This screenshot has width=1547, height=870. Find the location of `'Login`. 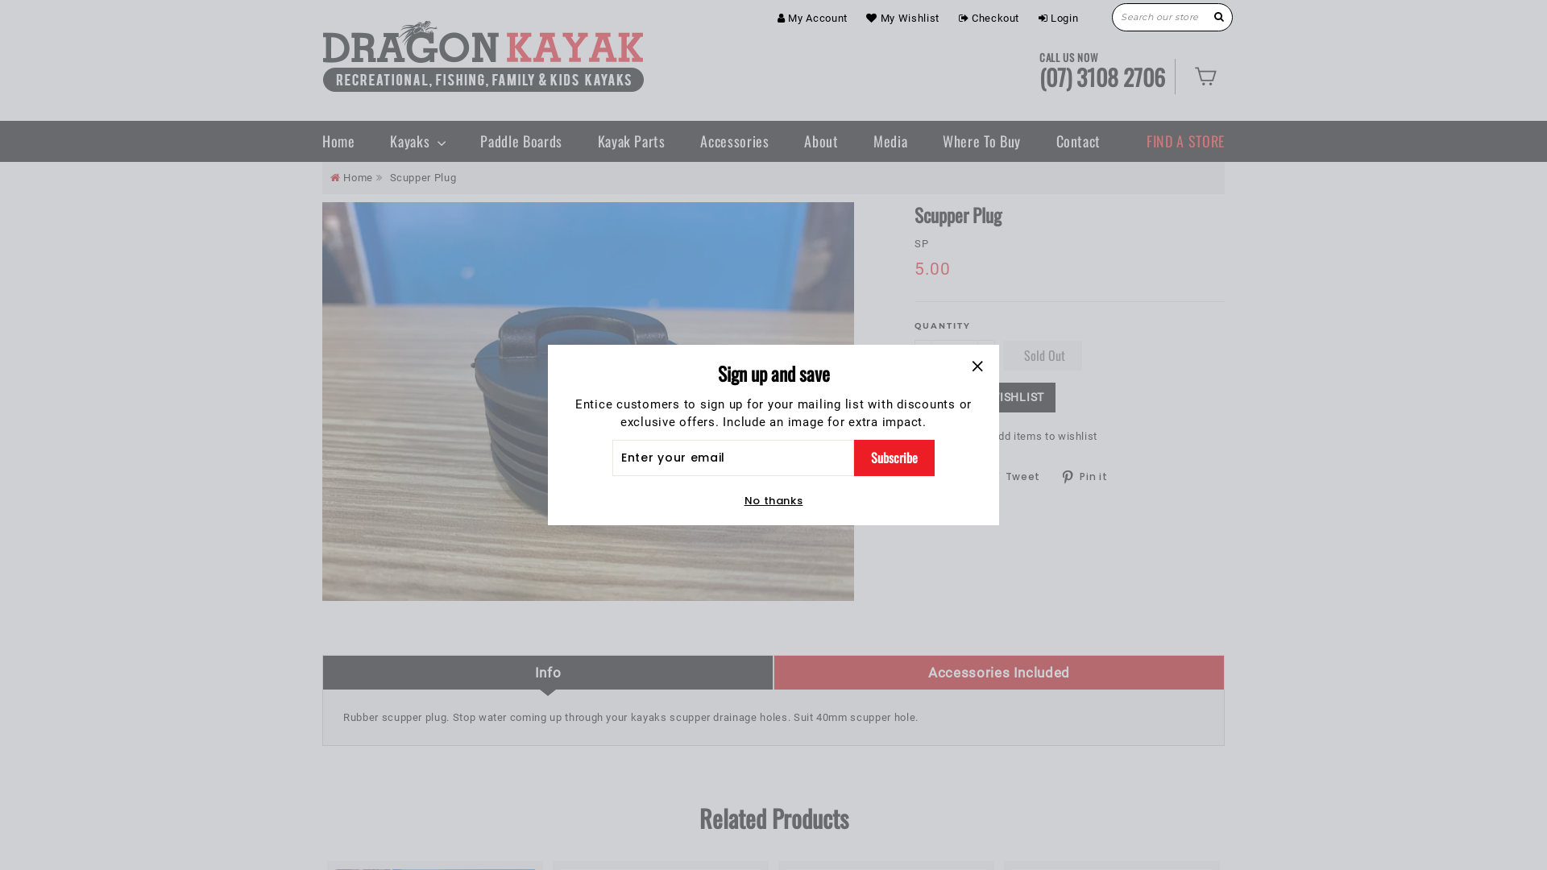

'Login is located at coordinates (1059, 19).